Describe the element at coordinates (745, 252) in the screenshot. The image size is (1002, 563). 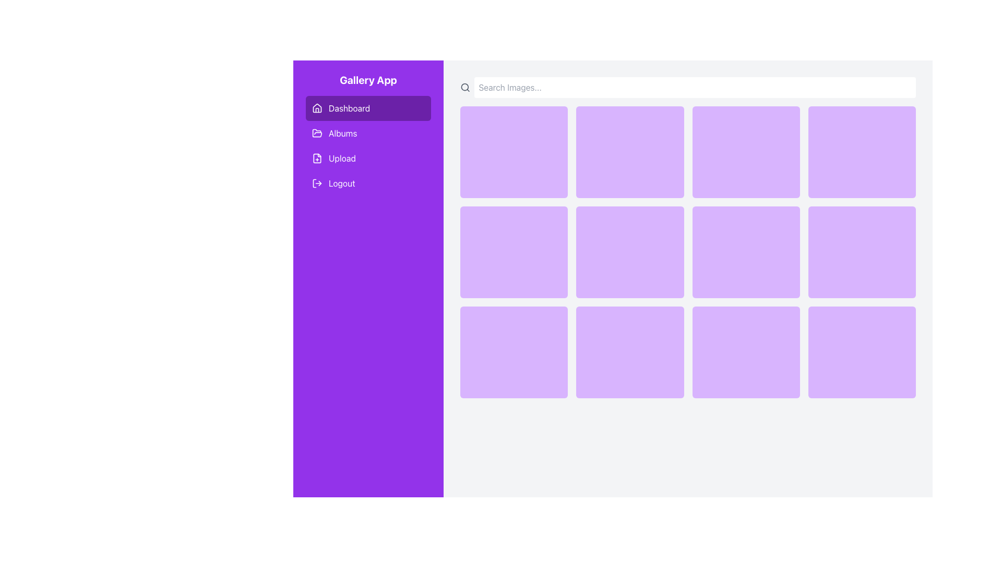
I see `the third tile in the second row of the grid layout, which acts as an interactive visual component for displaying or selecting related content` at that location.